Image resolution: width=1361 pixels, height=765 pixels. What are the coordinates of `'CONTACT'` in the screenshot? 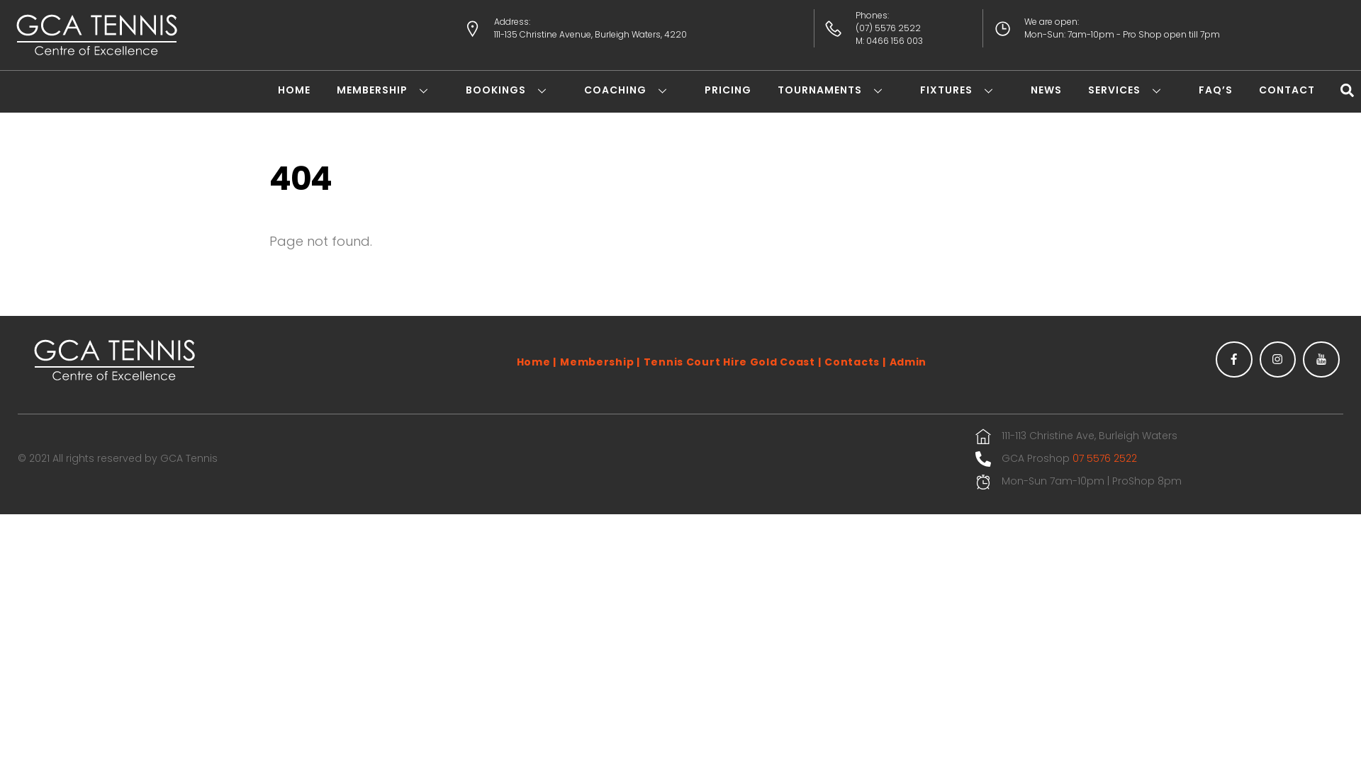 It's located at (1287, 90).